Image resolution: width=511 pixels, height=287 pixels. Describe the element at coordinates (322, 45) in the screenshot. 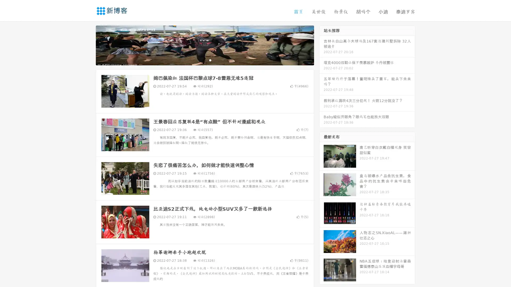

I see `Next slide` at that location.